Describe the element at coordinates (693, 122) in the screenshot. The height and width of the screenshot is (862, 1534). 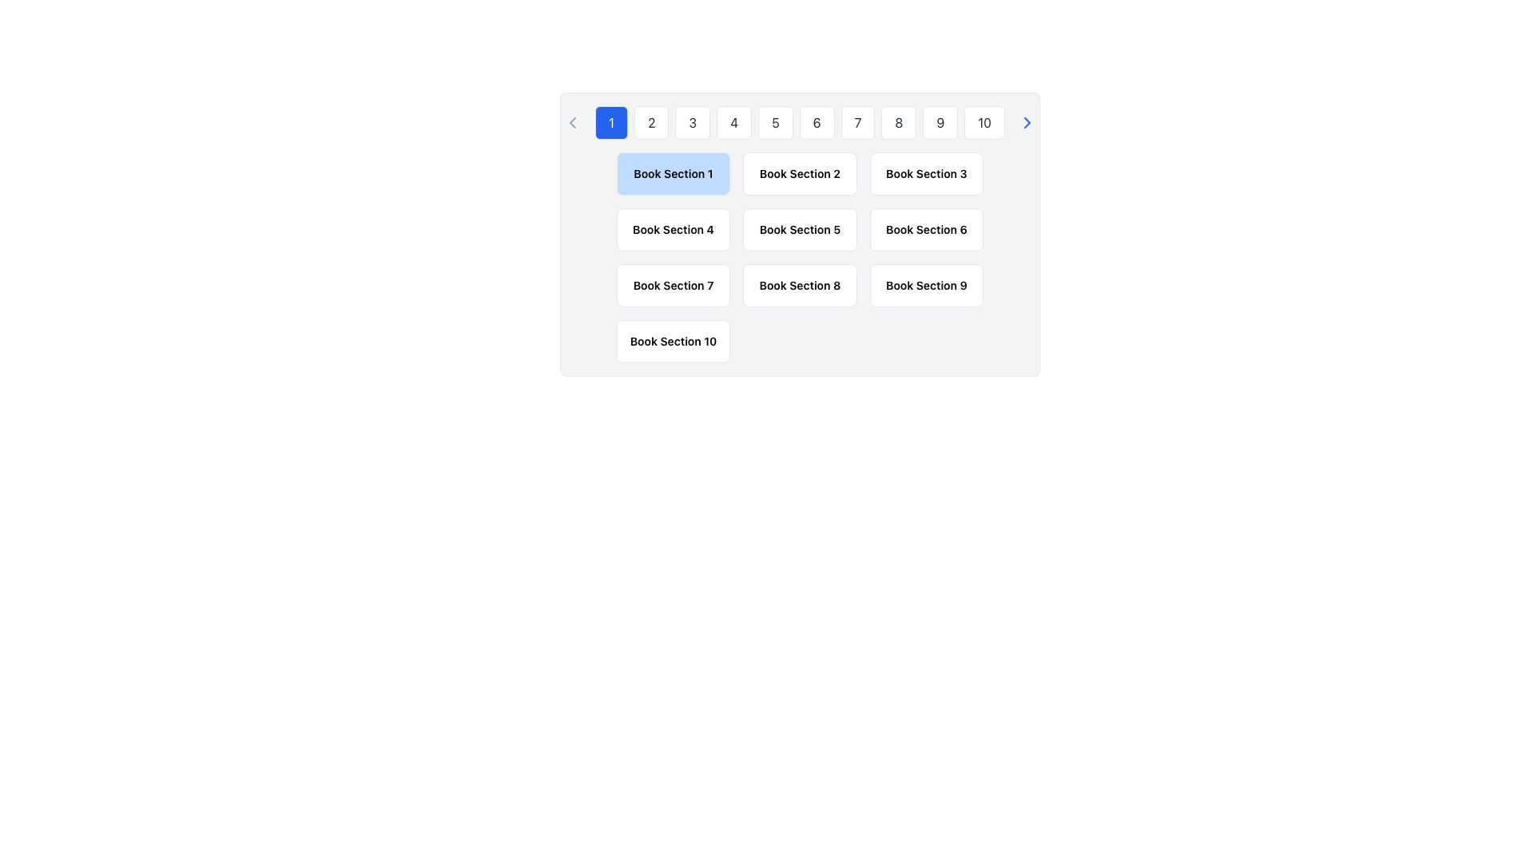
I see `the navigation button, which is the third button in a row of numbered buttons, located between the buttons labeled '2' and '4'` at that location.